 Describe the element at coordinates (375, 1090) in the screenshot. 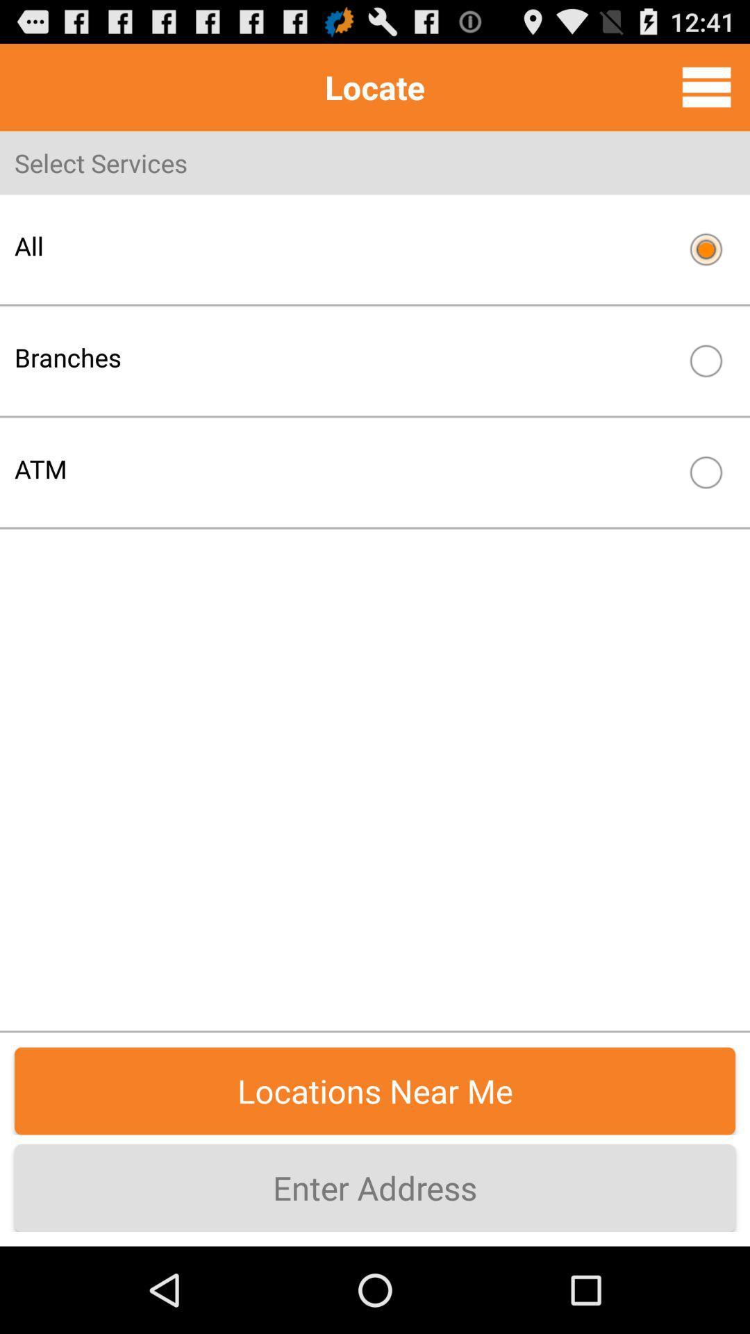

I see `the icon above enter address icon` at that location.